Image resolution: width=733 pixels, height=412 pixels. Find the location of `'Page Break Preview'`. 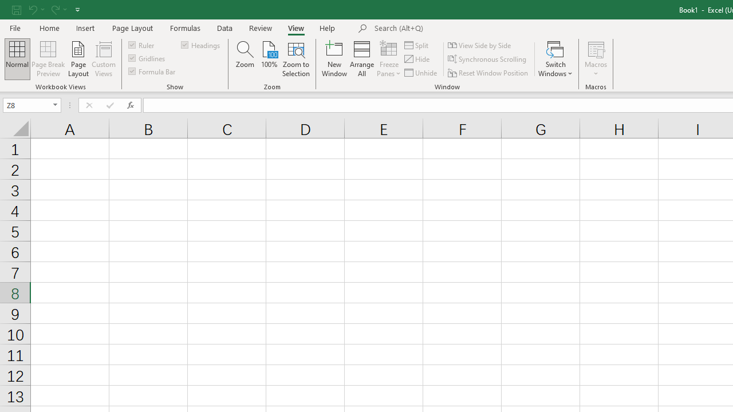

'Page Break Preview' is located at coordinates (48, 59).